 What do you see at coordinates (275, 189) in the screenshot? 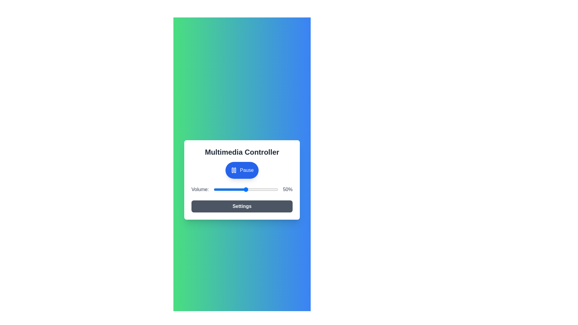
I see `the volume` at bounding box center [275, 189].